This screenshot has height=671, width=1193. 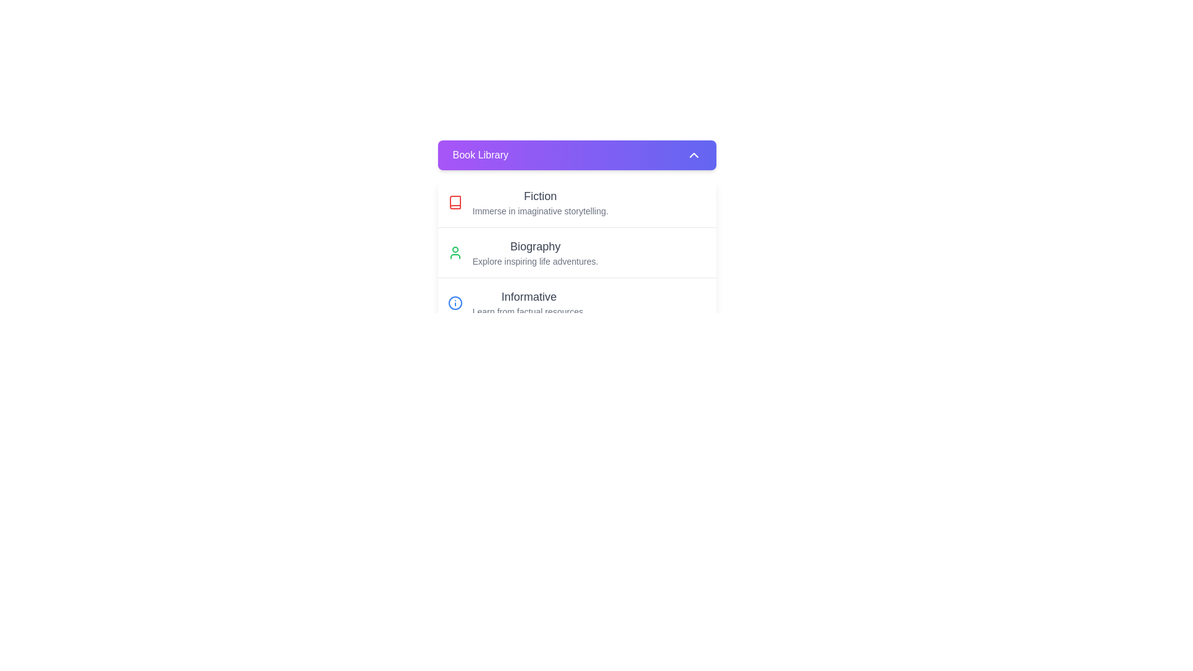 What do you see at coordinates (454, 252) in the screenshot?
I see `the 'Biography' icon, which serves as a visual marker for the Biography category located to the left of the text 'Biography' in the list` at bounding box center [454, 252].